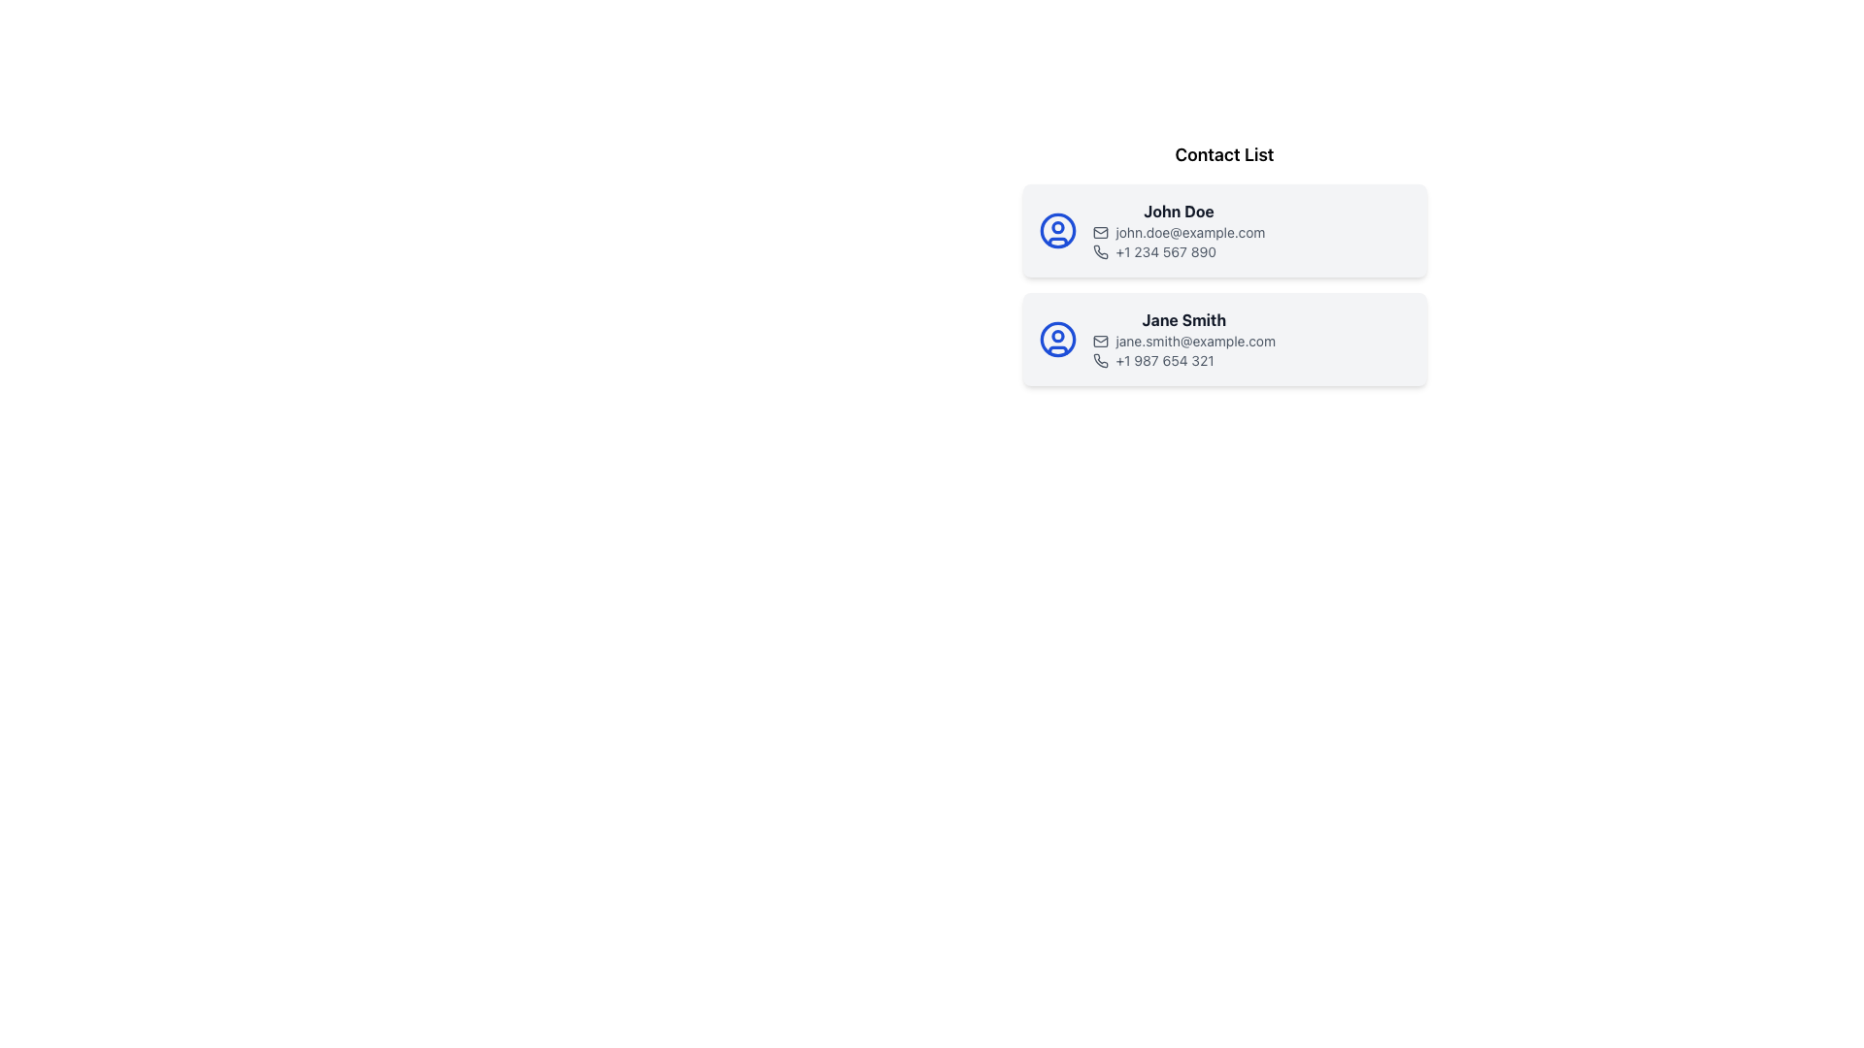 The width and height of the screenshot is (1864, 1048). Describe the element at coordinates (1182, 319) in the screenshot. I see `text displayed in the bold label 'Jane Smith' located in the second contact card of the contact list` at that location.